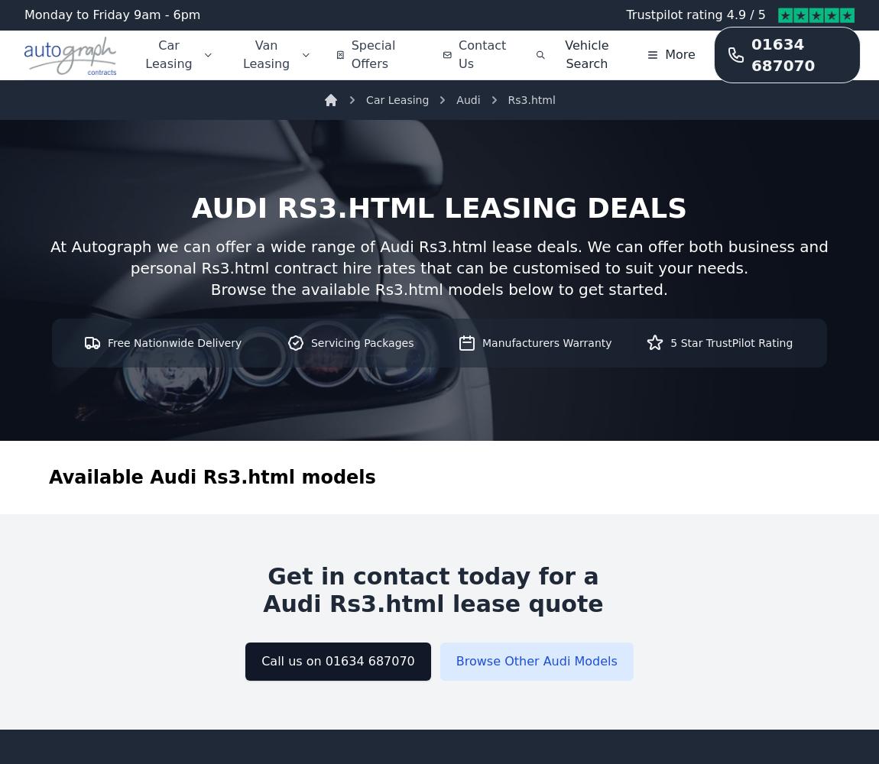 The height and width of the screenshot is (764, 879). I want to click on '5 Star TrustPilot Rating', so click(731, 342).